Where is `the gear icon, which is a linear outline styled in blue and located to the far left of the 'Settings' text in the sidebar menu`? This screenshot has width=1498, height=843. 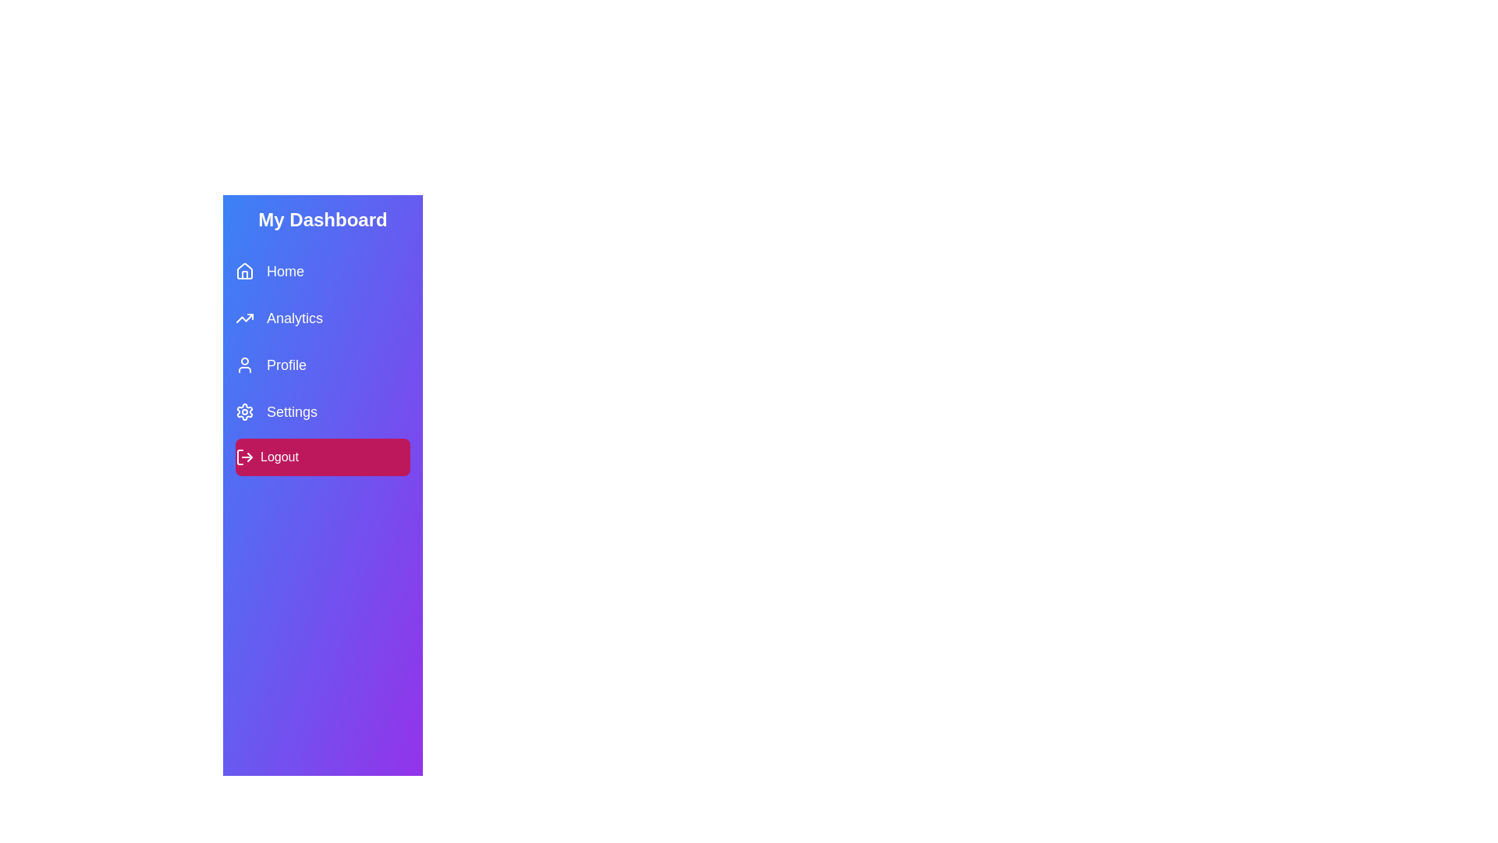 the gear icon, which is a linear outline styled in blue and located to the far left of the 'Settings' text in the sidebar menu is located at coordinates (243, 411).